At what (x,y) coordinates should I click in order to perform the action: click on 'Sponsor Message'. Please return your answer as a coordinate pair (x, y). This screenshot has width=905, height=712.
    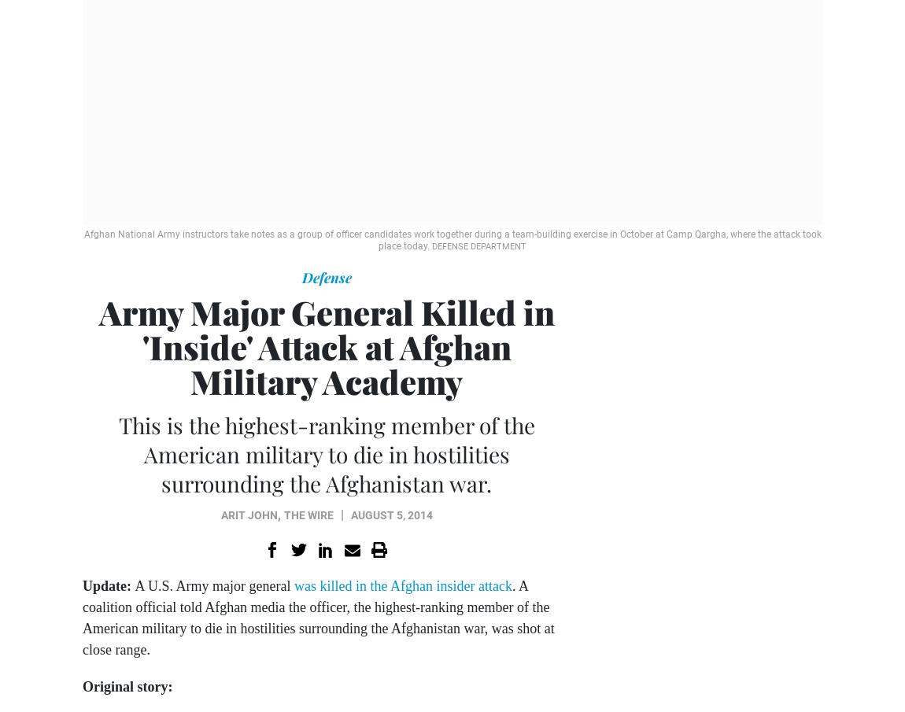
    Looking at the image, I should click on (704, 271).